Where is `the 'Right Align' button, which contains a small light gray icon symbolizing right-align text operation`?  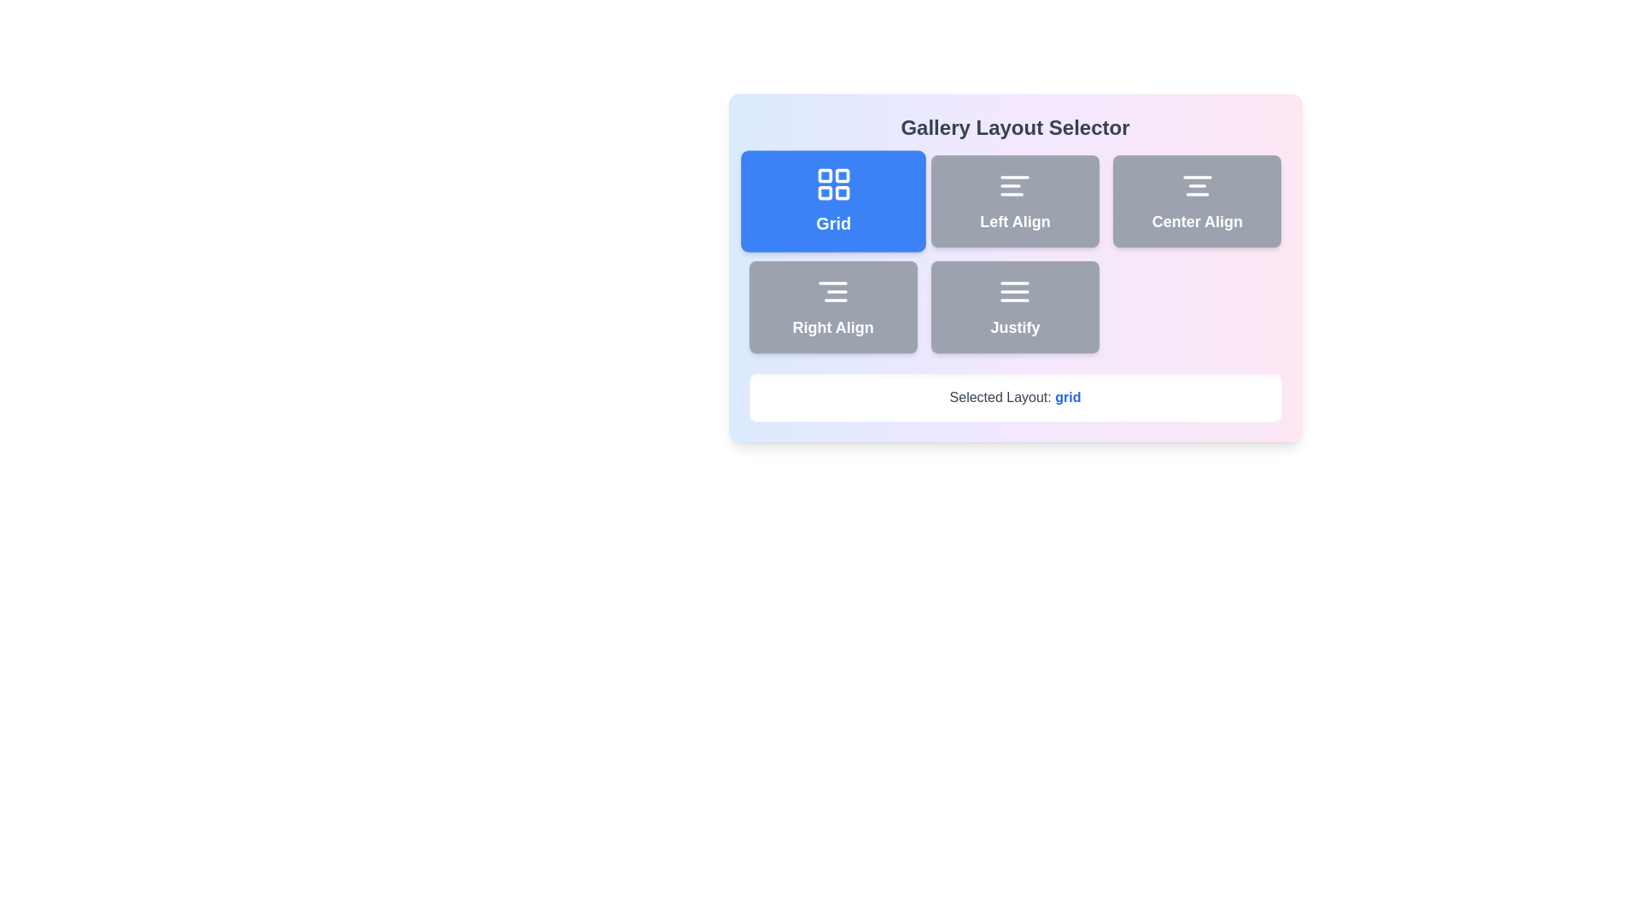 the 'Right Align' button, which contains a small light gray icon symbolizing right-align text operation is located at coordinates (833, 291).